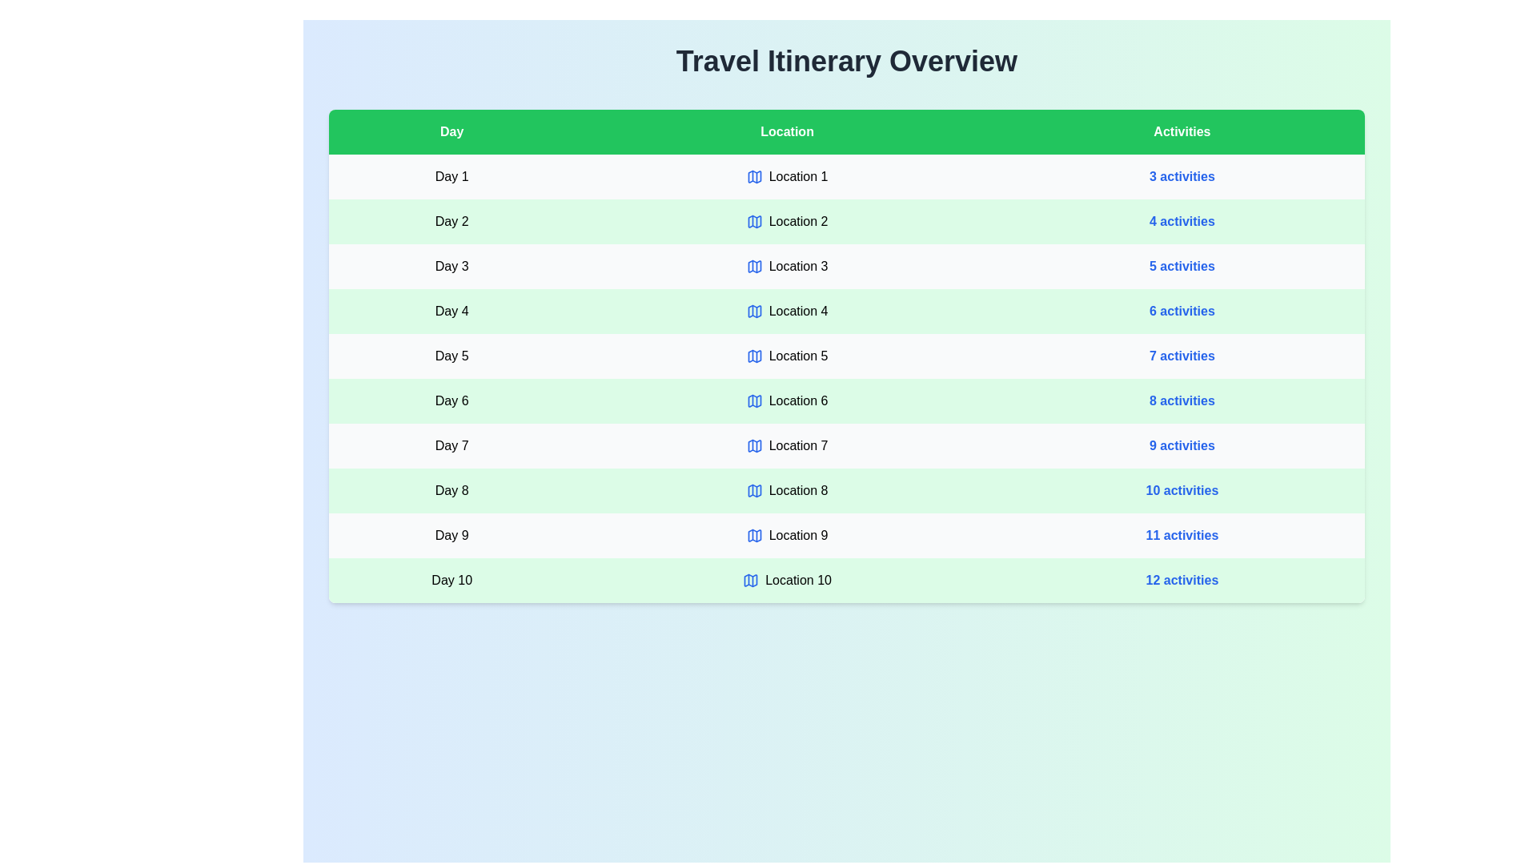 Image resolution: width=1537 pixels, height=865 pixels. I want to click on the header of the Day column to sort the table, so click(451, 131).